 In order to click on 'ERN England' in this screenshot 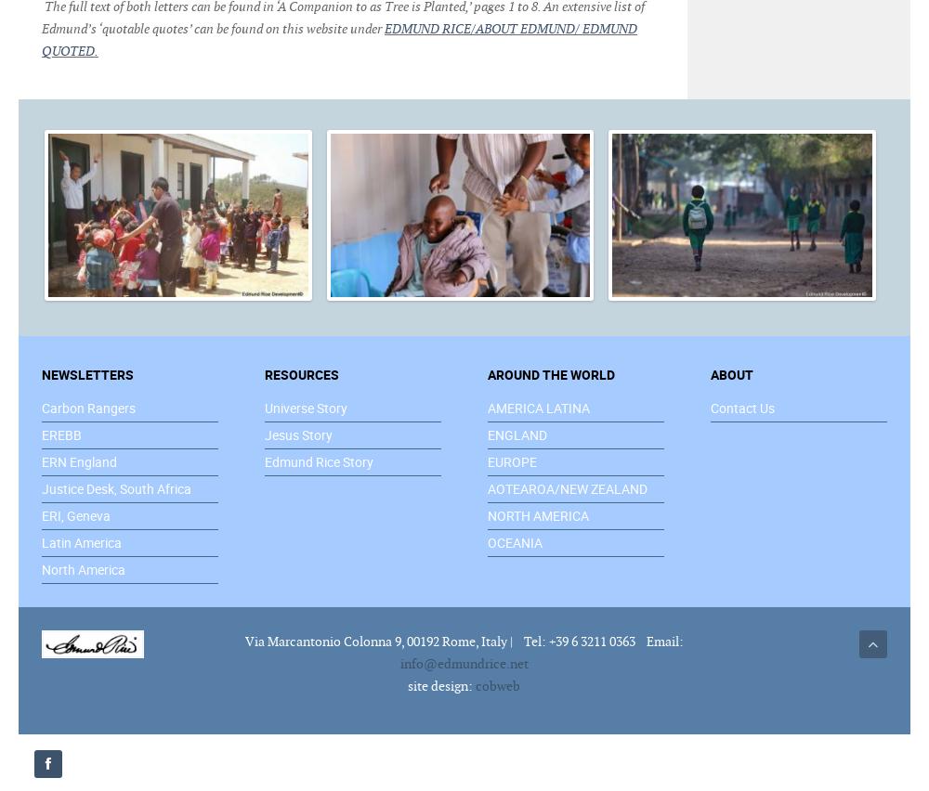, I will do `click(78, 460)`.